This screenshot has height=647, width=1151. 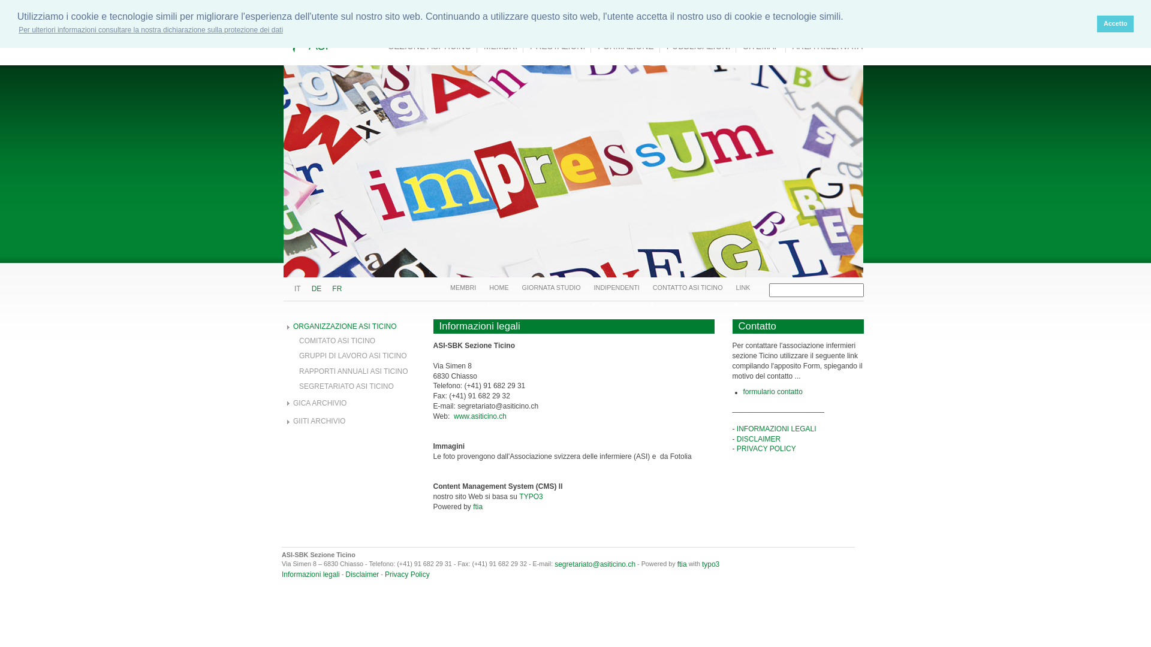 I want to click on 'COMITATO ASI TICINO', so click(x=336, y=341).